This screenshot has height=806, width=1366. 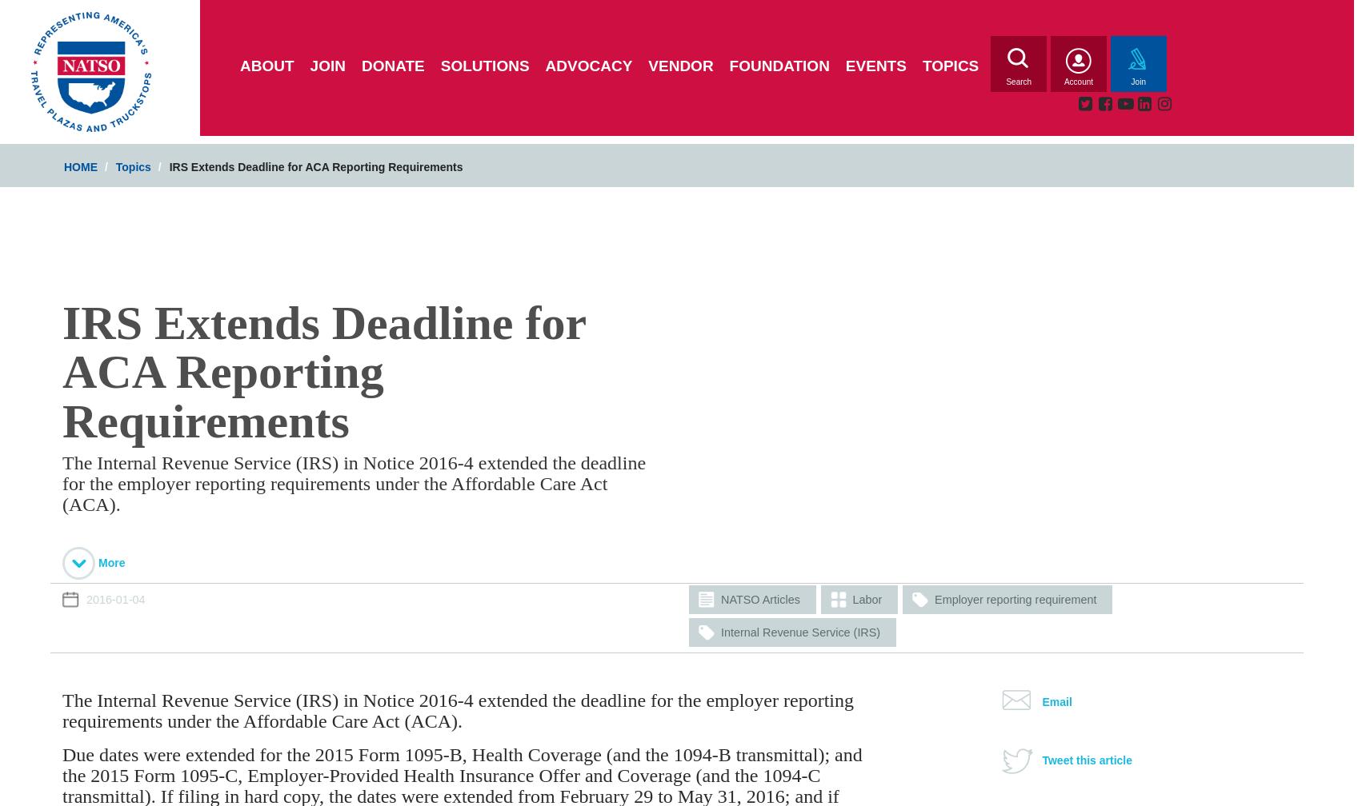 I want to click on 'Account', so click(x=1077, y=82).